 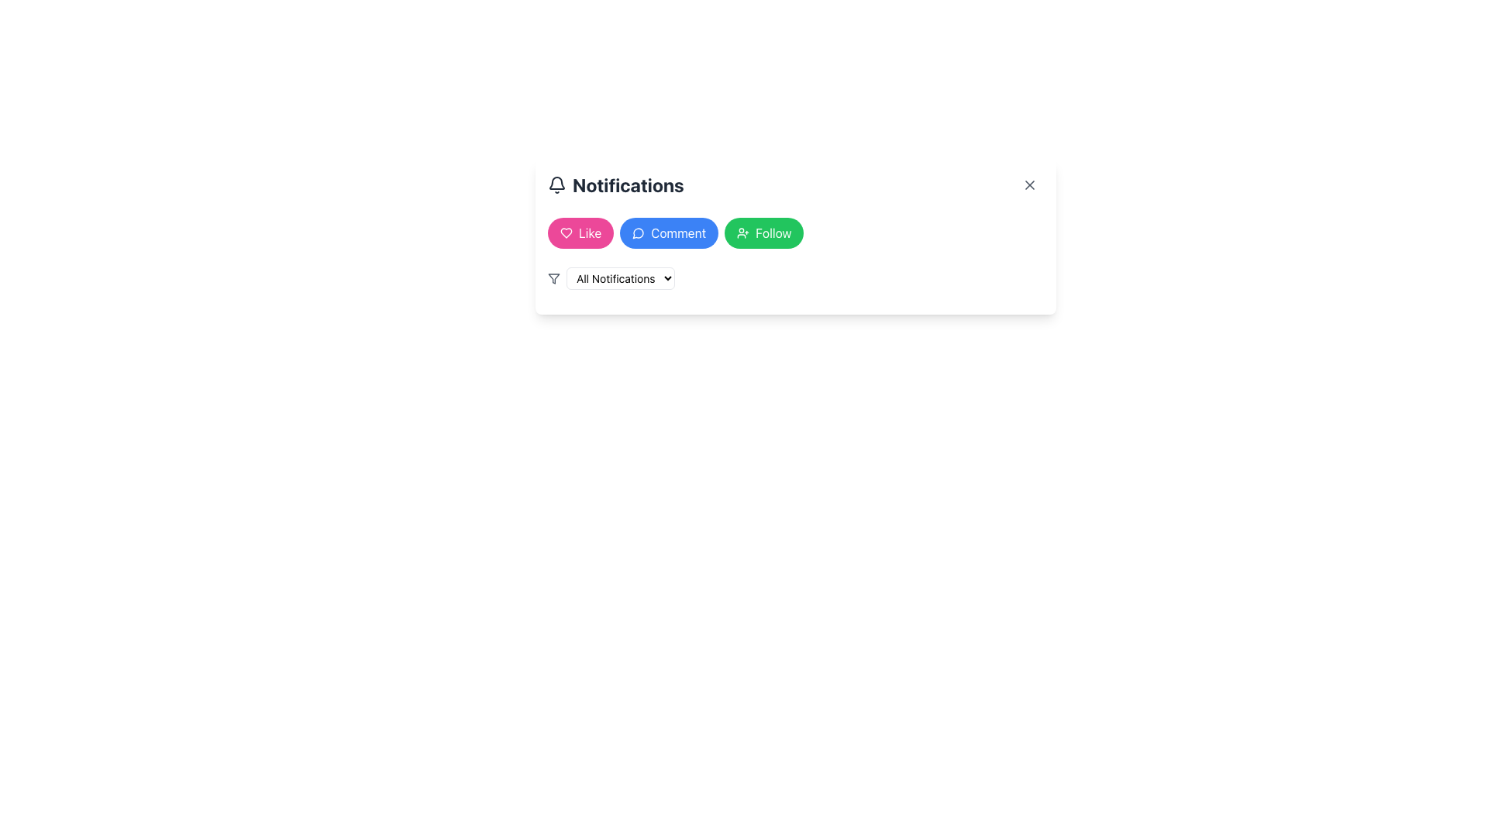 What do you see at coordinates (1030, 184) in the screenshot?
I see `the circular button with a light background and 'X' icon at its center, located at the top right corner of the 'Notifications' header section` at bounding box center [1030, 184].